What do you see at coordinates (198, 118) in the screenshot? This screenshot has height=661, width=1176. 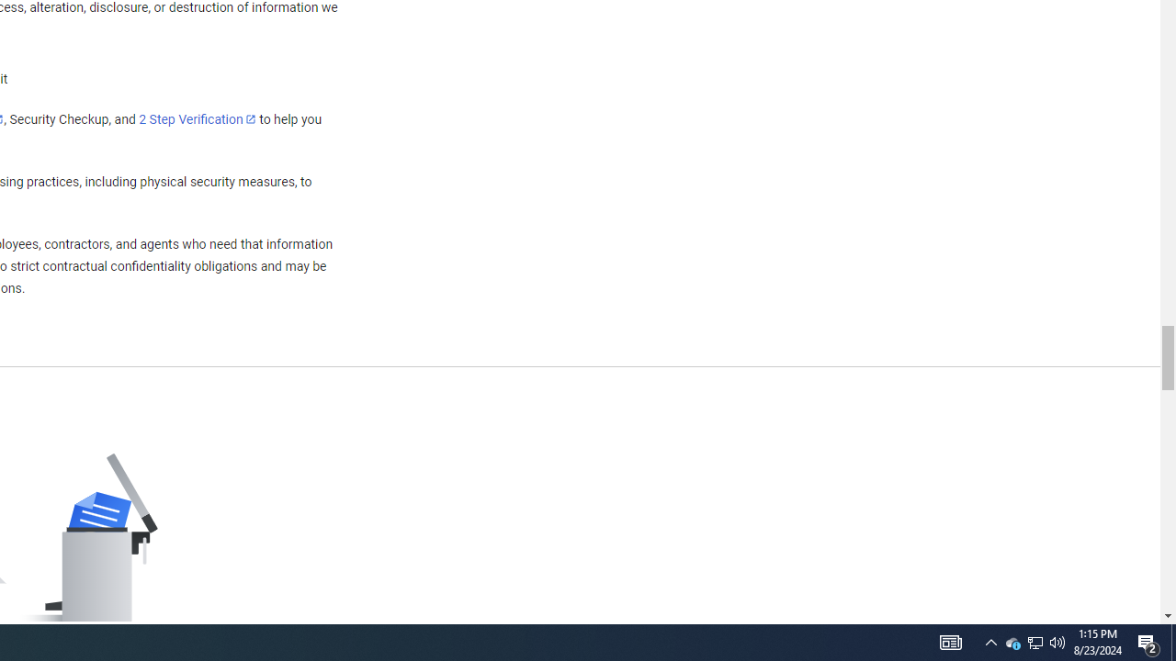 I see `'2 Step Verification'` at bounding box center [198, 118].